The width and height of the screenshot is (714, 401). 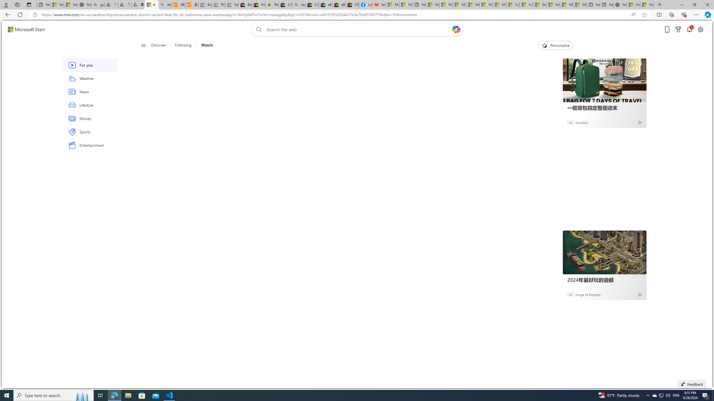 I want to click on 'Skip to content', so click(x=24, y=29).